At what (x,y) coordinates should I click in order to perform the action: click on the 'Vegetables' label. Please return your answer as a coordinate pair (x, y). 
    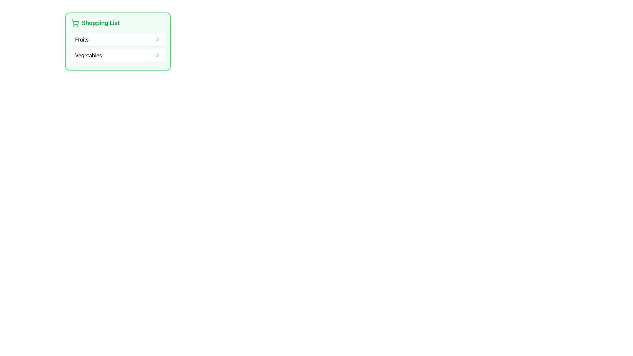
    Looking at the image, I should click on (88, 55).